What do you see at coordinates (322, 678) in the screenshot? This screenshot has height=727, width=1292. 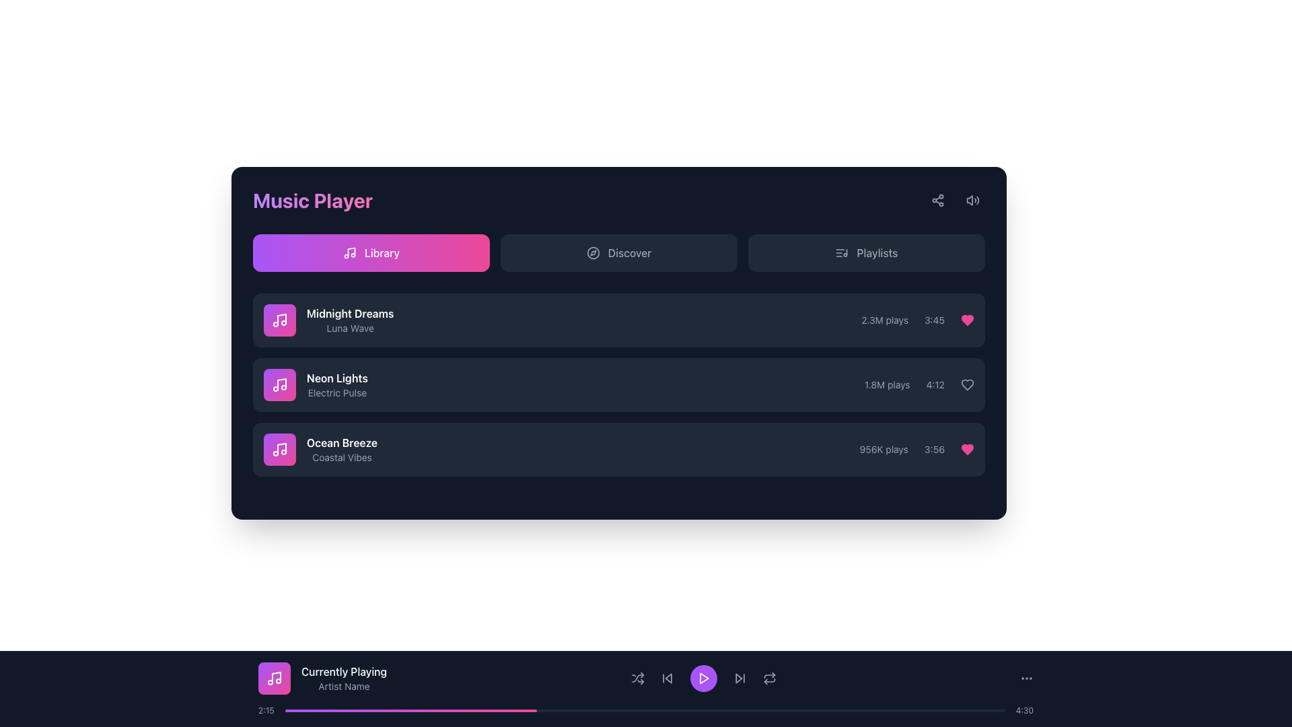 I see `the Informational Card that displays the currently playing song title and artist in the music player interface, located at the bottom section of the interface` at bounding box center [322, 678].